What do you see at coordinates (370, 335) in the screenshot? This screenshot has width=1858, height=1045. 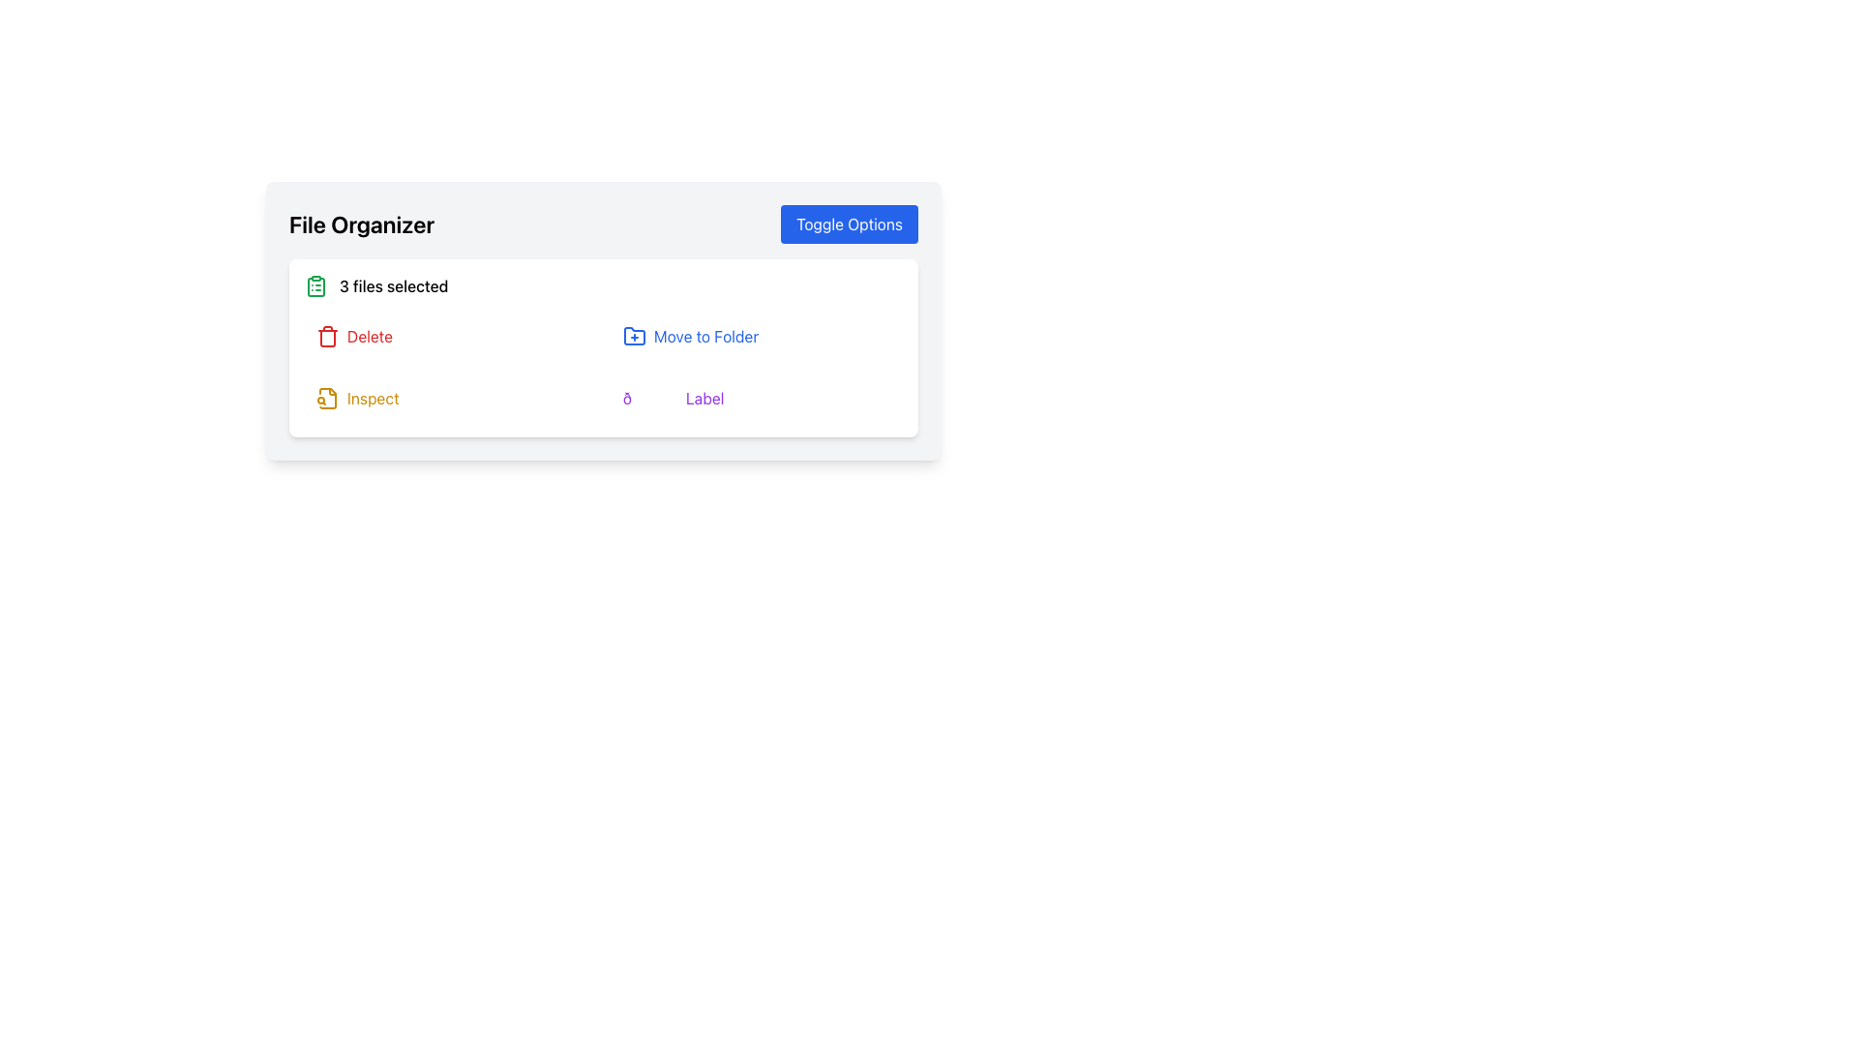 I see `the static text 'Delete', which is styled in a red serif font and located below the header indicating selected files, adjacent to options like 'Move to Folder' and 'Inspect'` at bounding box center [370, 335].